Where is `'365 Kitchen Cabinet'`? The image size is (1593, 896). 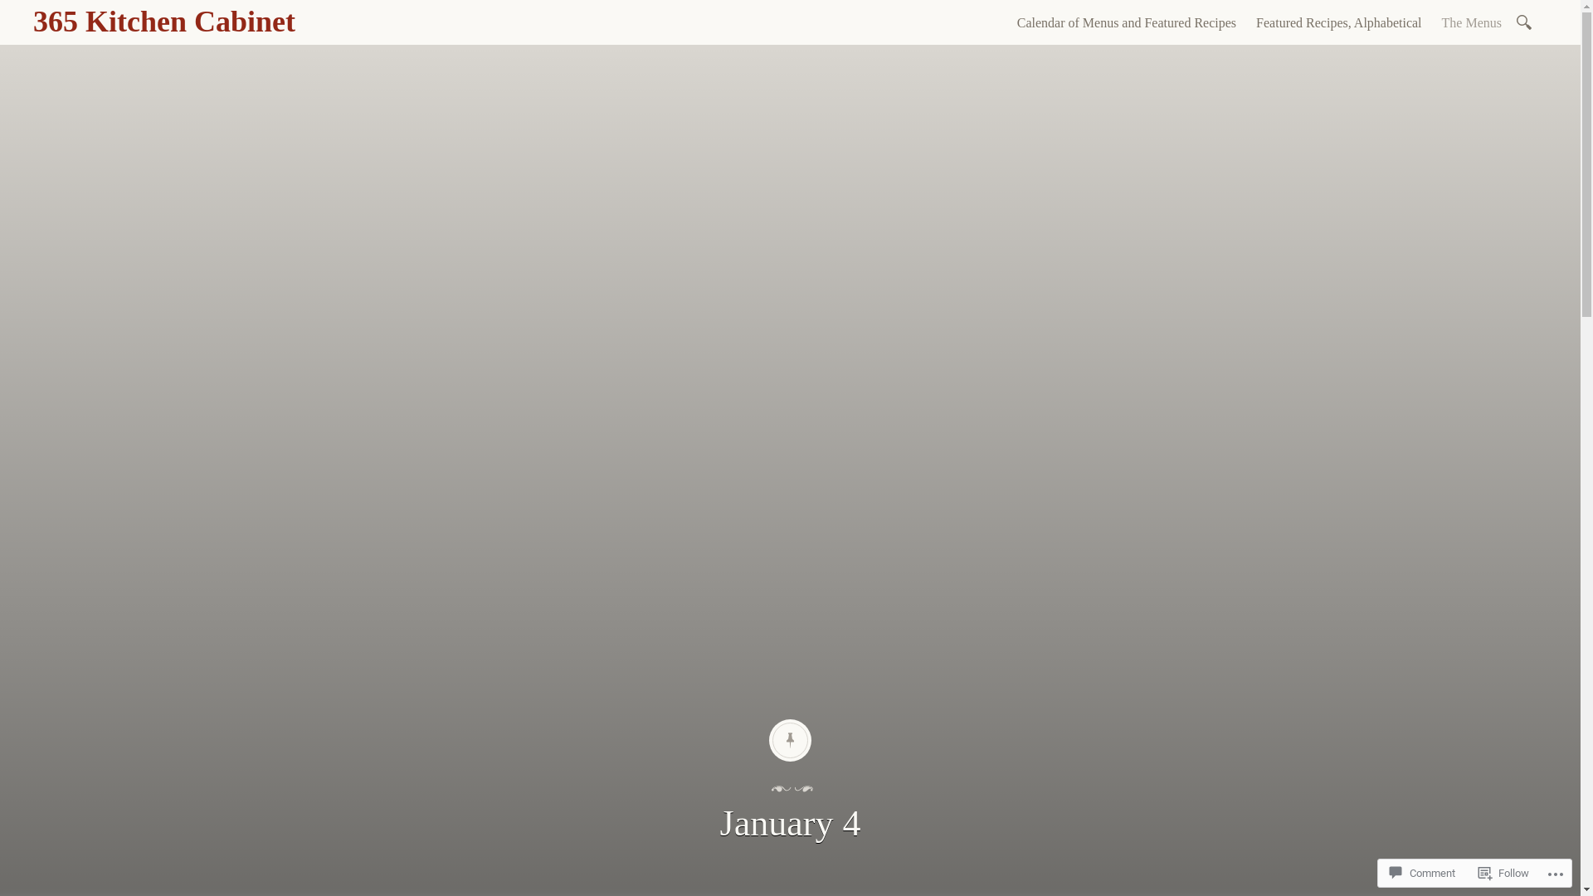
'365 Kitchen Cabinet' is located at coordinates (163, 22).